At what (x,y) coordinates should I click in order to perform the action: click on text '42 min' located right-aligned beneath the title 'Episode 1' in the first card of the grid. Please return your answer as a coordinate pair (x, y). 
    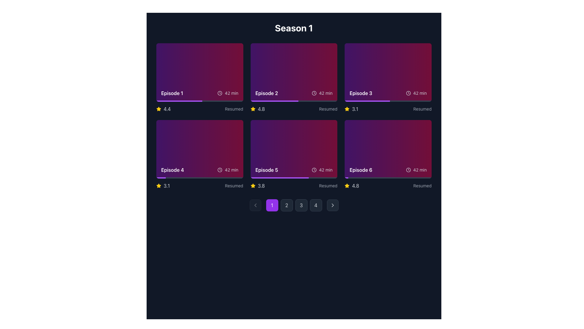
    Looking at the image, I should click on (228, 93).